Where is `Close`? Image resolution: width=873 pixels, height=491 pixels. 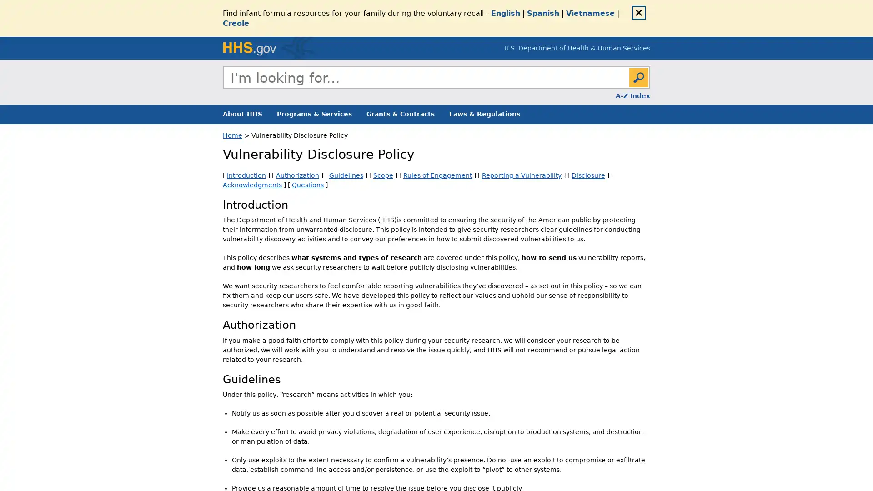 Close is located at coordinates (649, 88).